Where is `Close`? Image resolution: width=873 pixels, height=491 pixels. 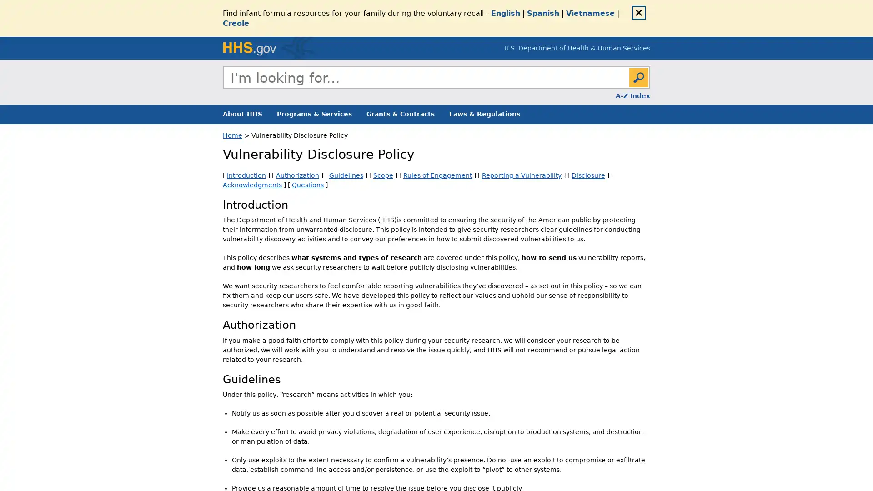 Close is located at coordinates (649, 88).